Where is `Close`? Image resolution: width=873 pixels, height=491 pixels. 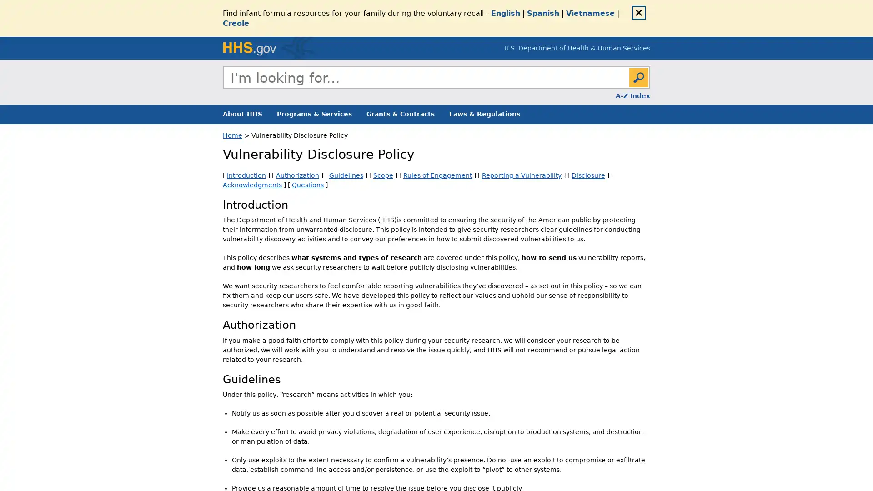 Close is located at coordinates (649, 88).